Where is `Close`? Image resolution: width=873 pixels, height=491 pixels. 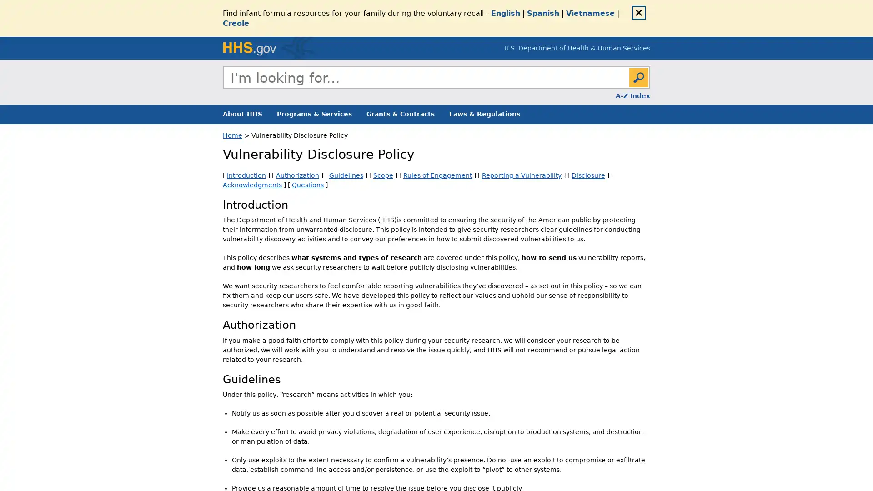 Close is located at coordinates (649, 88).